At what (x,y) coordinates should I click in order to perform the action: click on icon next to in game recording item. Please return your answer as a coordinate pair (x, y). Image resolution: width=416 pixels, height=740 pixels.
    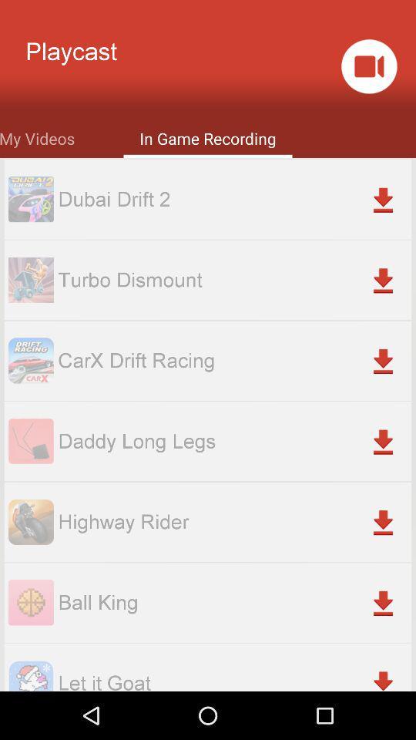
    Looking at the image, I should click on (37, 136).